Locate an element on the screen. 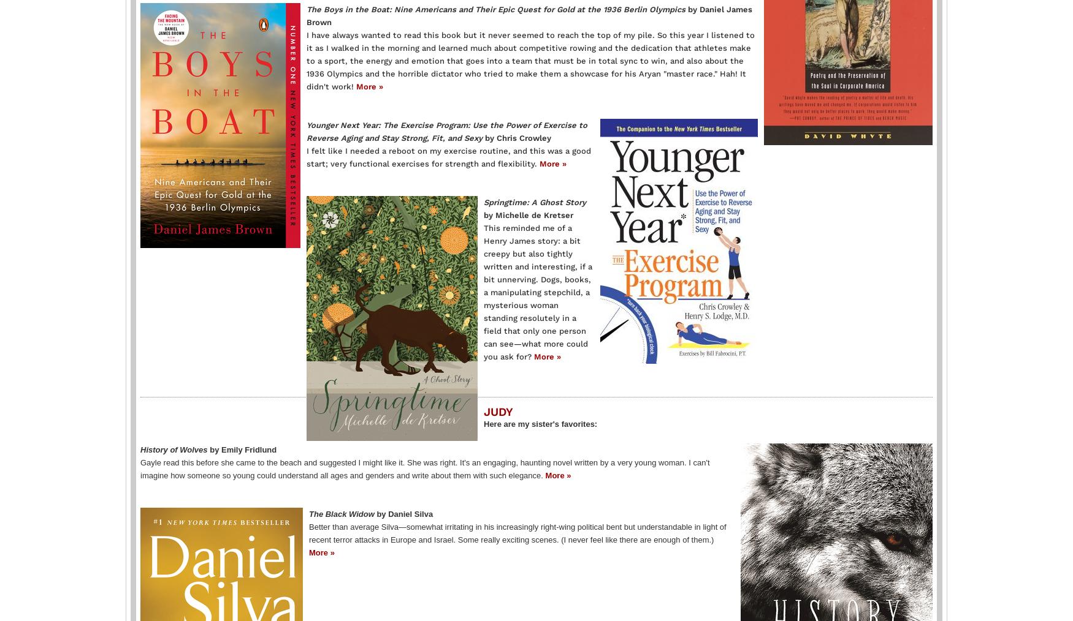  'The Black Widow' is located at coordinates (308, 513).